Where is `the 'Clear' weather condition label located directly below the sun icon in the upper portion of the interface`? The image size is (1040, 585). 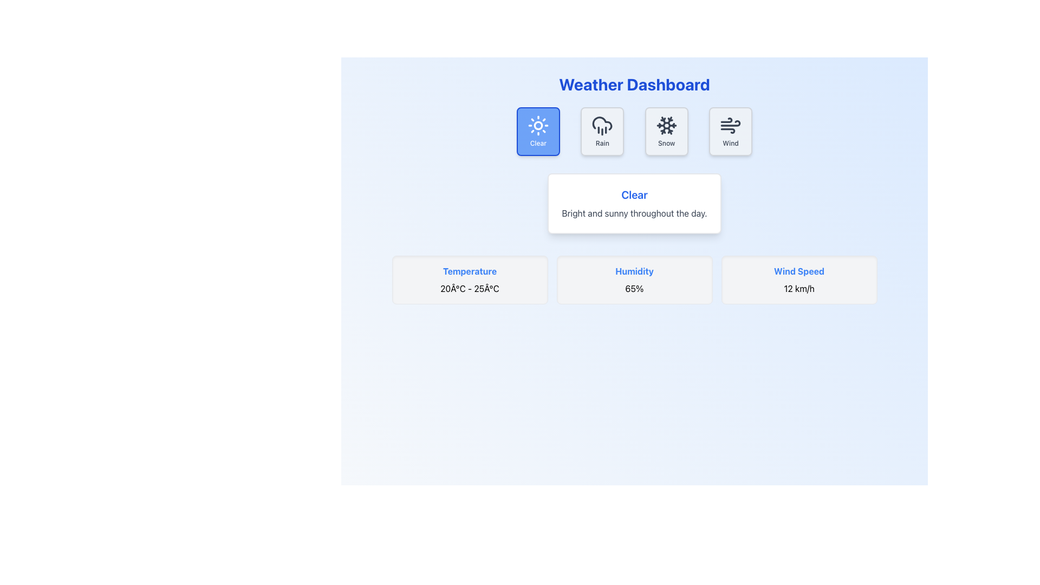
the 'Clear' weather condition label located directly below the sun icon in the upper portion of the interface is located at coordinates (538, 143).